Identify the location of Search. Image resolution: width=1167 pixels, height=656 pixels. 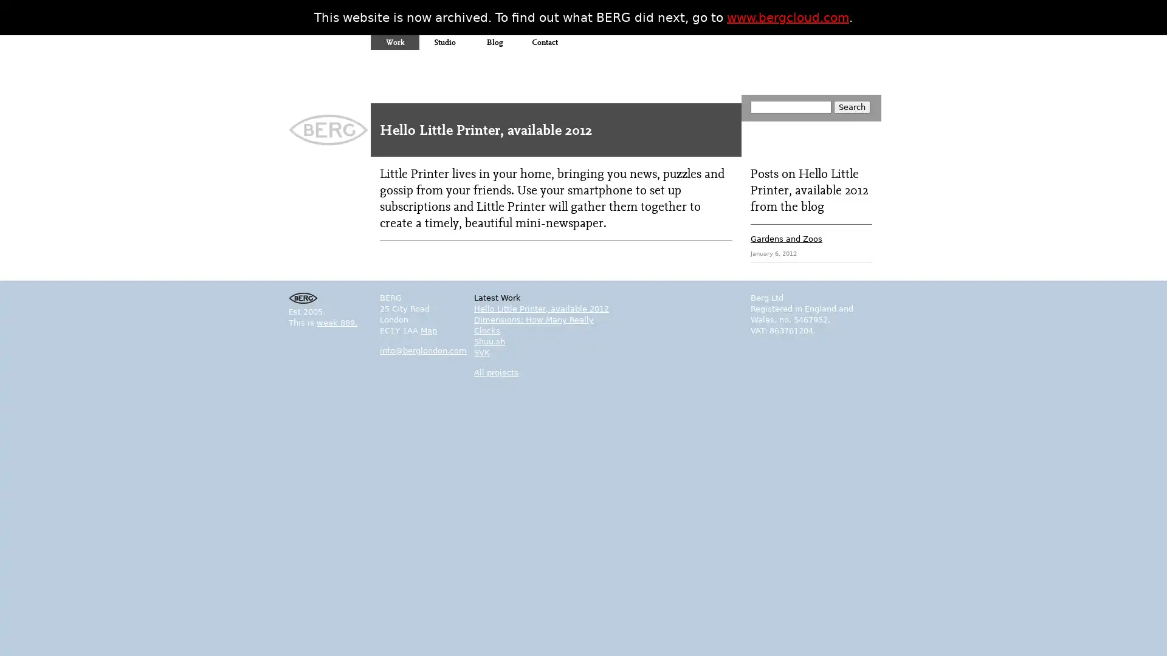
(851, 106).